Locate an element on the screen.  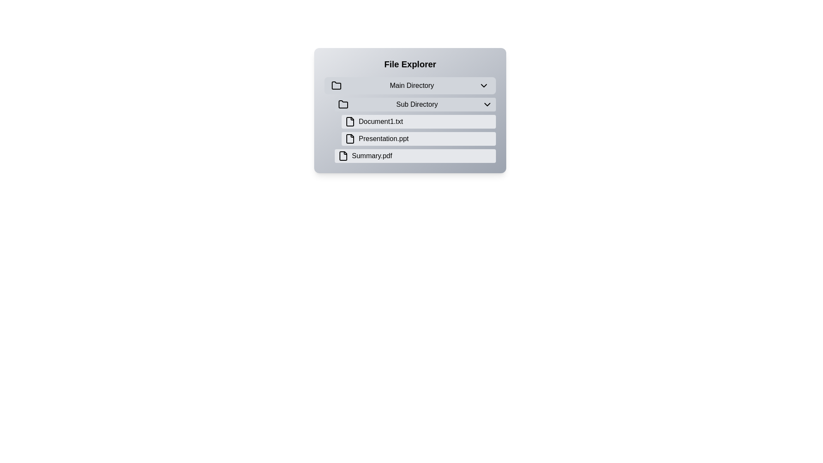
the SVG graphic icon representing the file type or status next to 'Document1.txt' in the file explorer interface is located at coordinates (350, 122).